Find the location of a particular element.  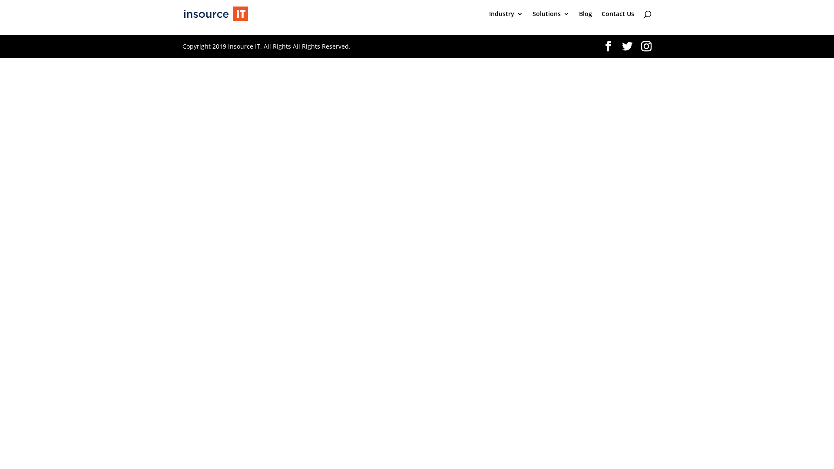

'Industry' is located at coordinates (506, 19).